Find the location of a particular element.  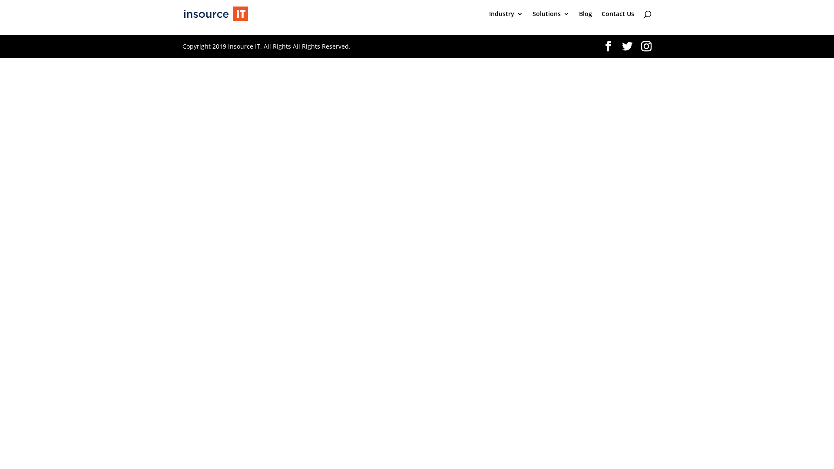

'Industry' is located at coordinates (506, 19).